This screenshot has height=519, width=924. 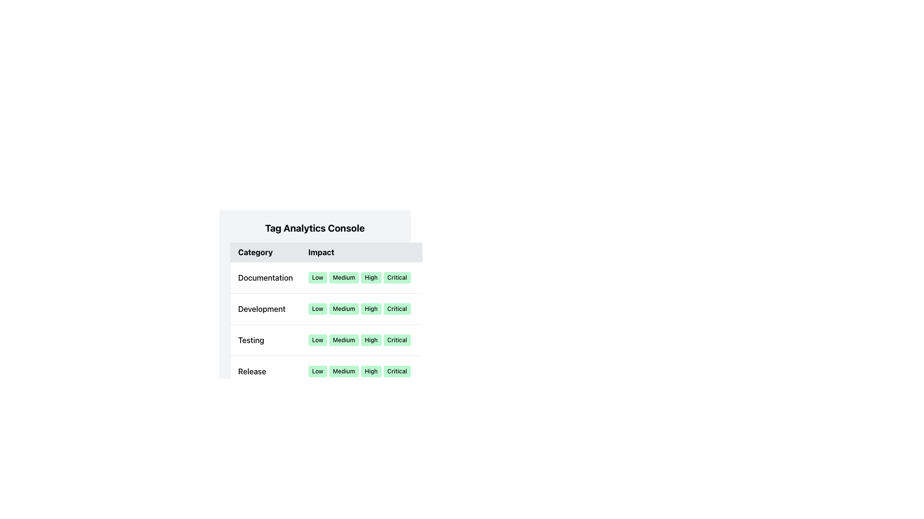 What do you see at coordinates (318, 278) in the screenshot?
I see `the 'Low' label, which is the first button in the horizontal arrangement of impact buttons in the 'Tag Analytics Console' table` at bounding box center [318, 278].